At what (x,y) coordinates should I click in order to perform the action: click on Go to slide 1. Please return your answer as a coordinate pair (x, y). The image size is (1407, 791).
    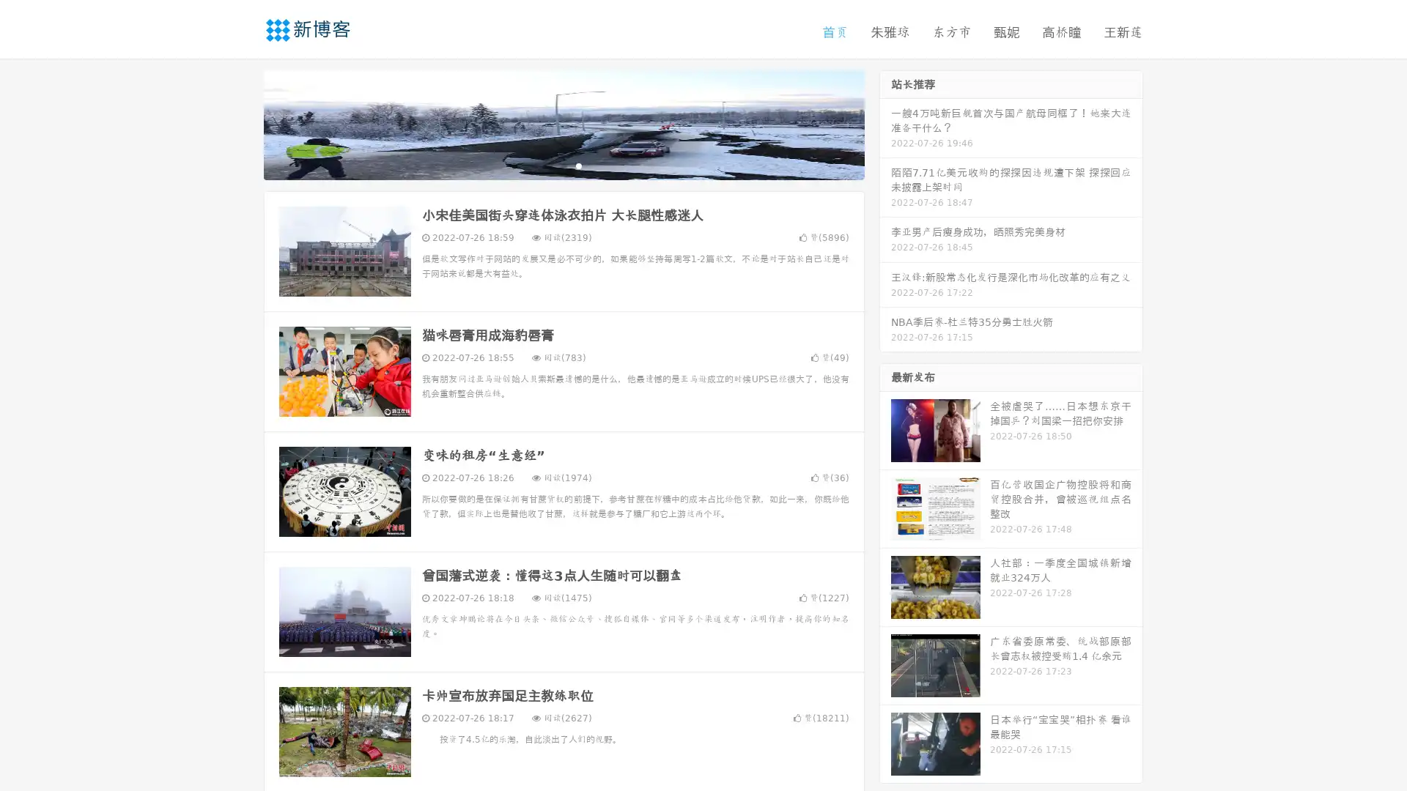
    Looking at the image, I should click on (548, 165).